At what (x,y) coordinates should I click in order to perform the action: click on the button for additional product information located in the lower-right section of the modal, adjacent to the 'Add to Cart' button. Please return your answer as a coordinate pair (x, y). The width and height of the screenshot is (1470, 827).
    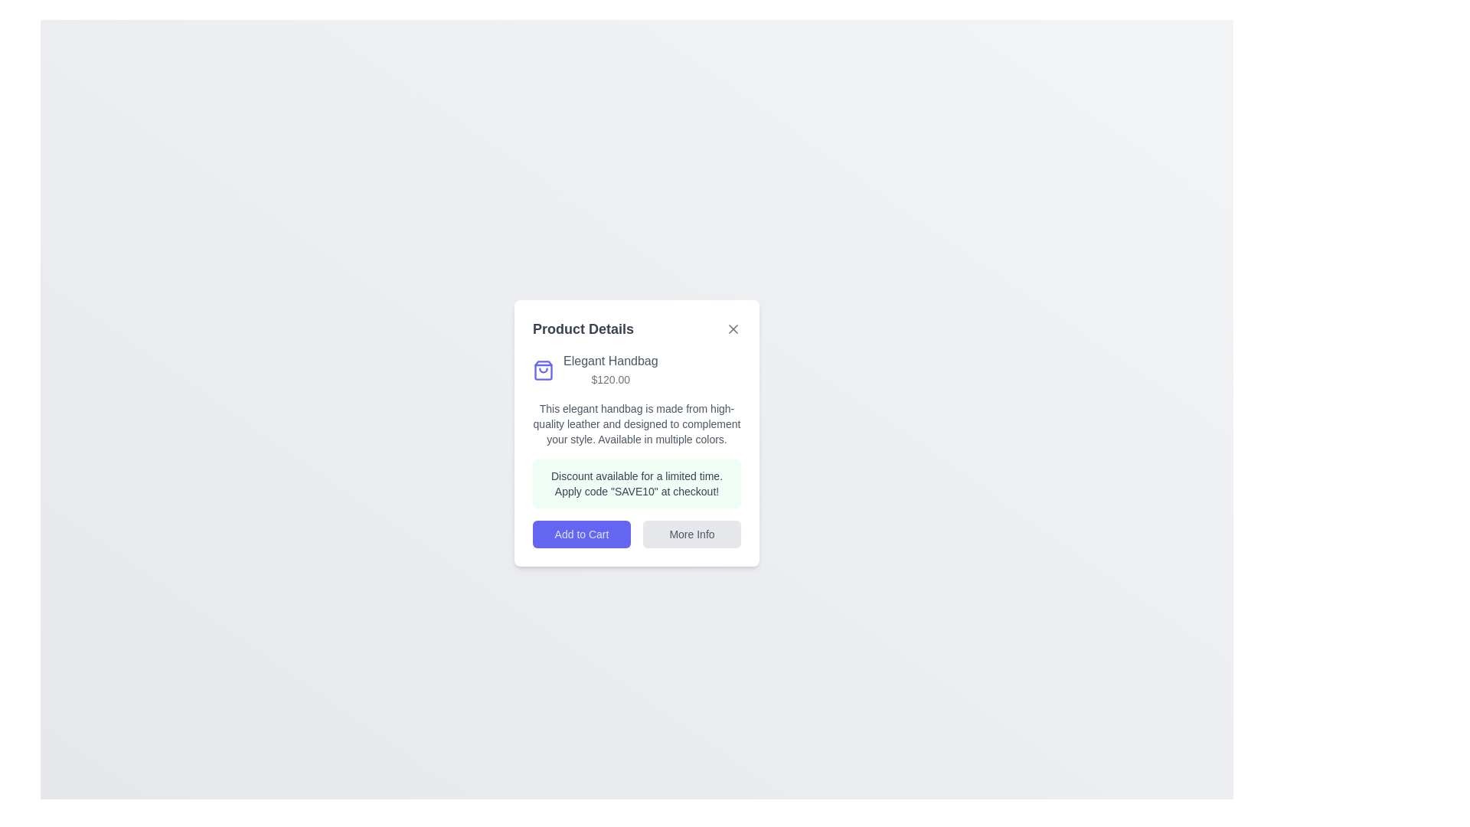
    Looking at the image, I should click on (691, 534).